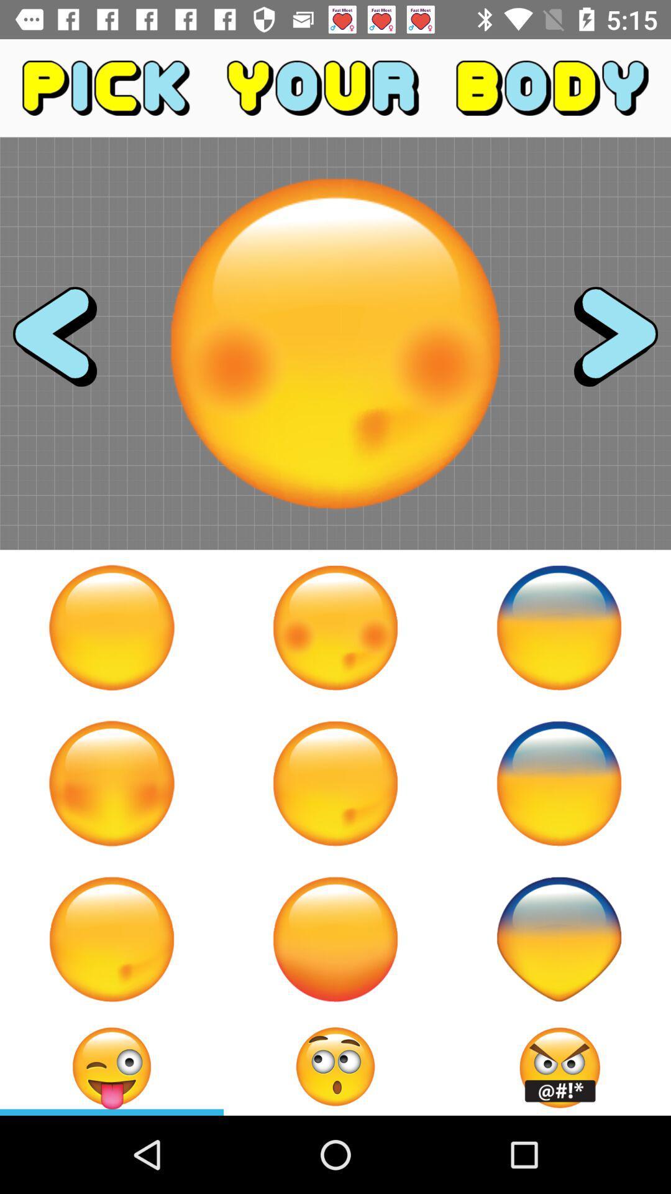  Describe the element at coordinates (558, 627) in the screenshot. I see `this option` at that location.